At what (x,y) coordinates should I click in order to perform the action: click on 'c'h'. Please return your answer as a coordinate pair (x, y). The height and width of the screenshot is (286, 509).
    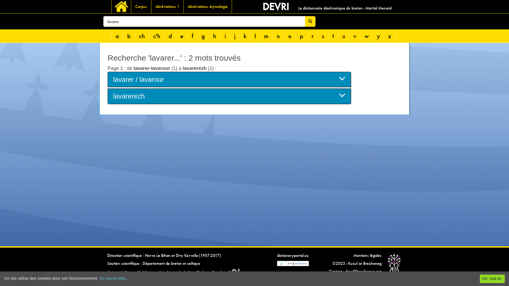
    Looking at the image, I should click on (156, 36).